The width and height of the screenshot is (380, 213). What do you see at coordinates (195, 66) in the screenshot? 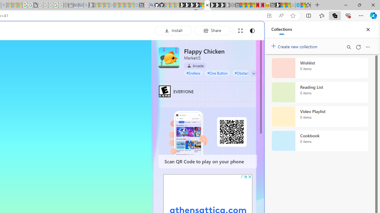
I see `'Arcade'` at bounding box center [195, 66].